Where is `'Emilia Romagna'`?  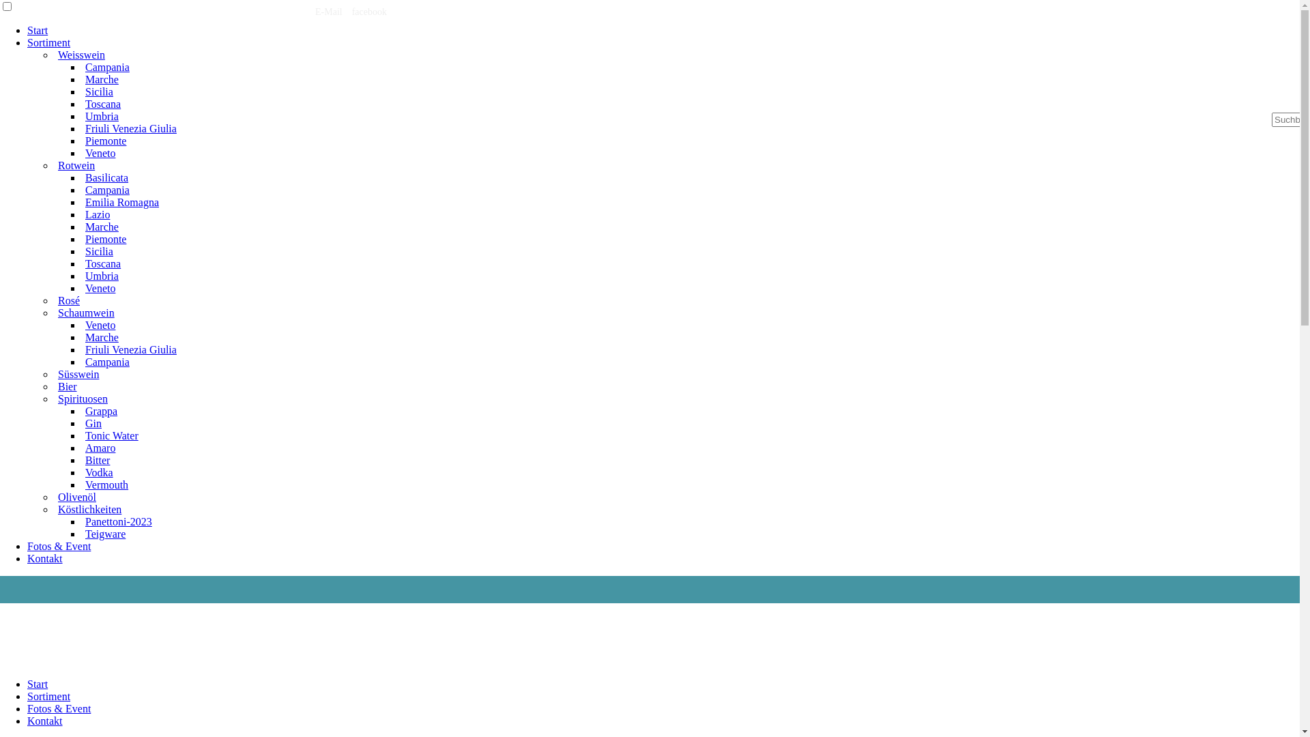 'Emilia Romagna' is located at coordinates (81, 202).